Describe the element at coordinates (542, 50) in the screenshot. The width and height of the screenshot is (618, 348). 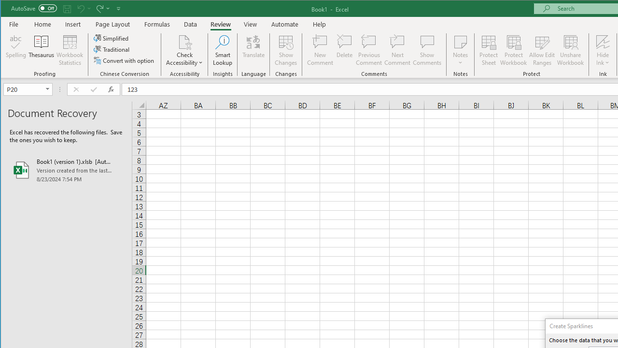
I see `'Allow Edit Ranges'` at that location.